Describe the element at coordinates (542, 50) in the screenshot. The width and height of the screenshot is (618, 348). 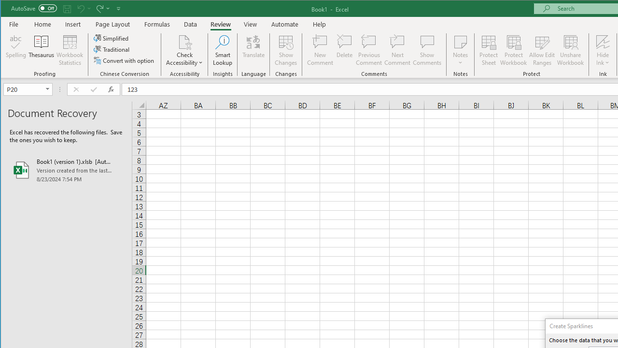
I see `'Allow Edit Ranges'` at that location.